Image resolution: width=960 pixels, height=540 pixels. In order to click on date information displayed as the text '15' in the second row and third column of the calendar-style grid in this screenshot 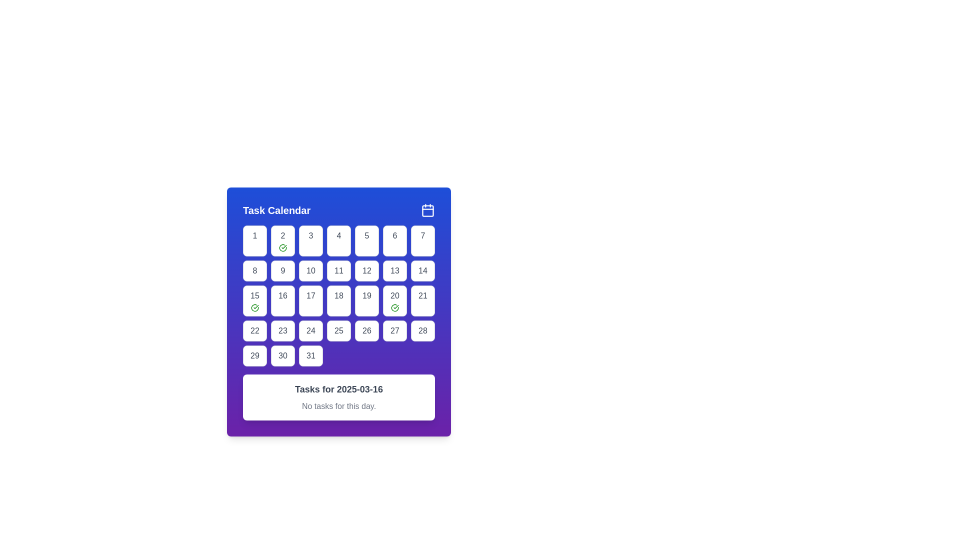, I will do `click(254, 295)`.